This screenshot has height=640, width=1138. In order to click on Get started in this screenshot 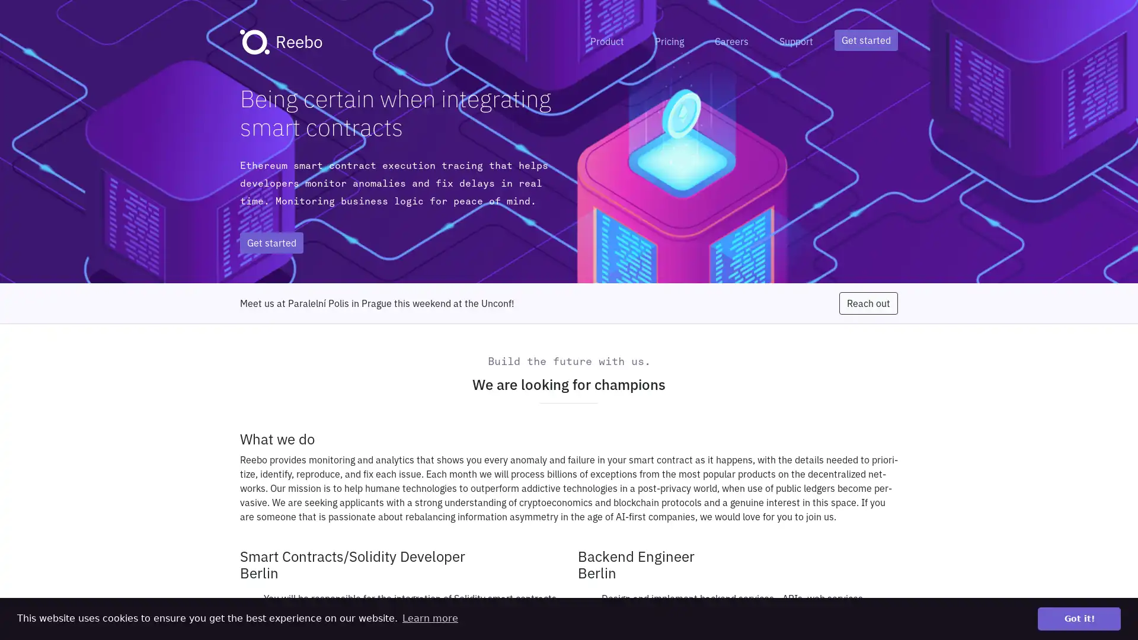, I will do `click(271, 242)`.